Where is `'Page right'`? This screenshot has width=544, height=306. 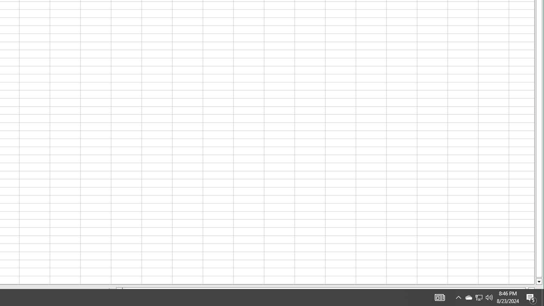
'Page right' is located at coordinates (526, 290).